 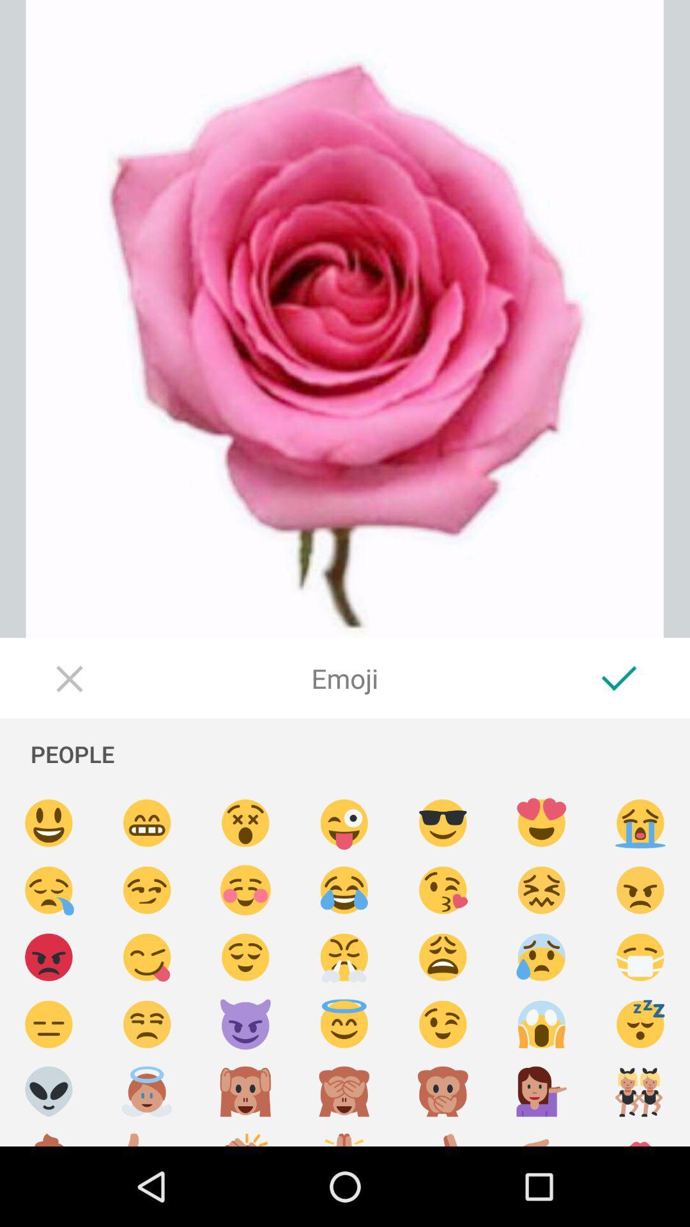 What do you see at coordinates (542, 957) in the screenshot?
I see `emoji` at bounding box center [542, 957].